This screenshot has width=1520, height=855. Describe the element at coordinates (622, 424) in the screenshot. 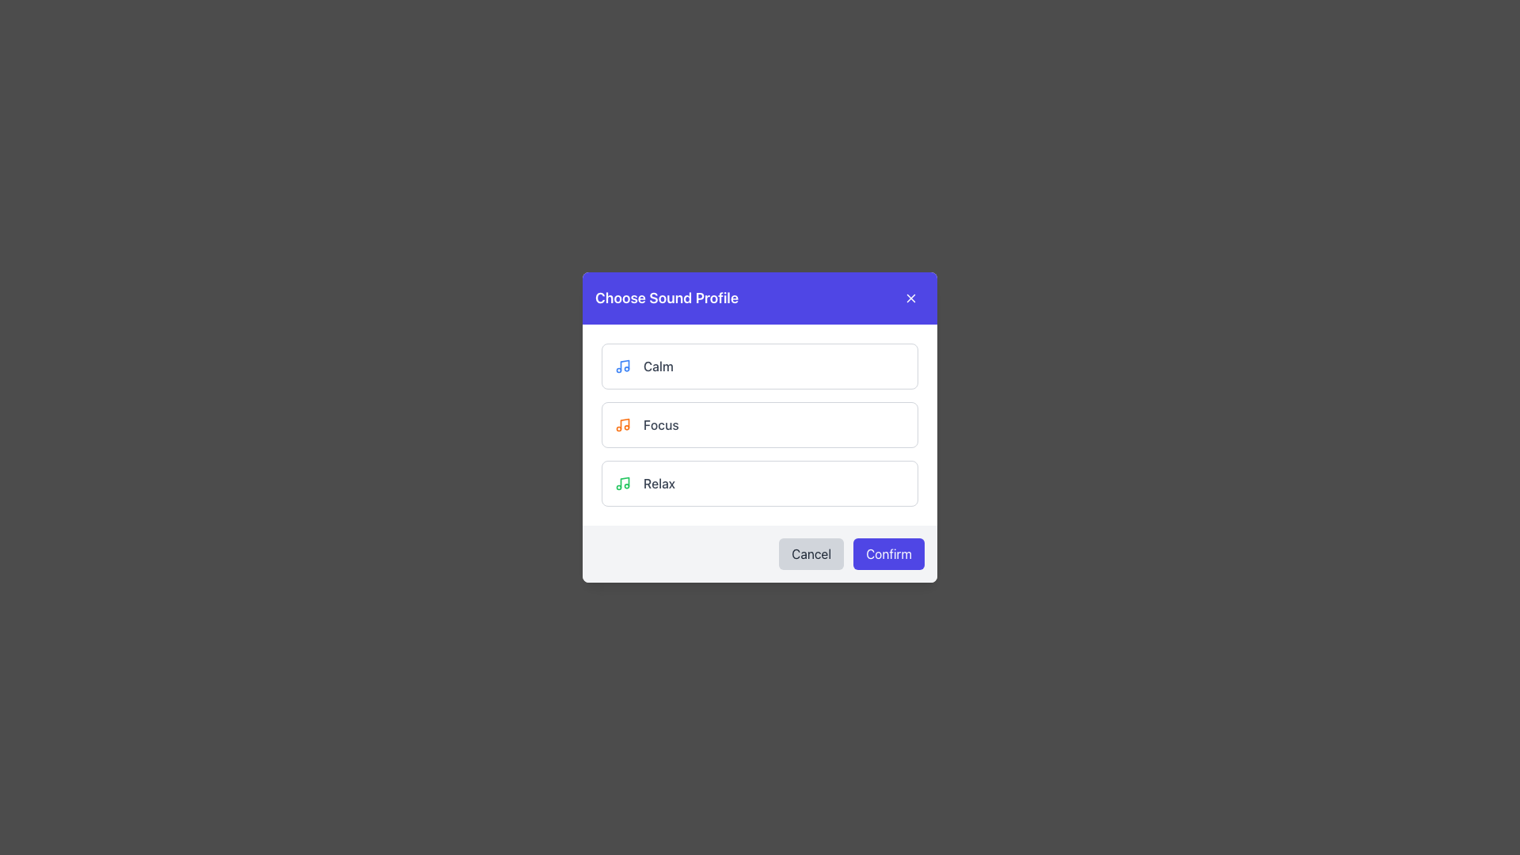

I see `the 'Focus' sound profile icon, which is visually identified to the left of the 'Focus' text label in the list of sound profiles` at that location.